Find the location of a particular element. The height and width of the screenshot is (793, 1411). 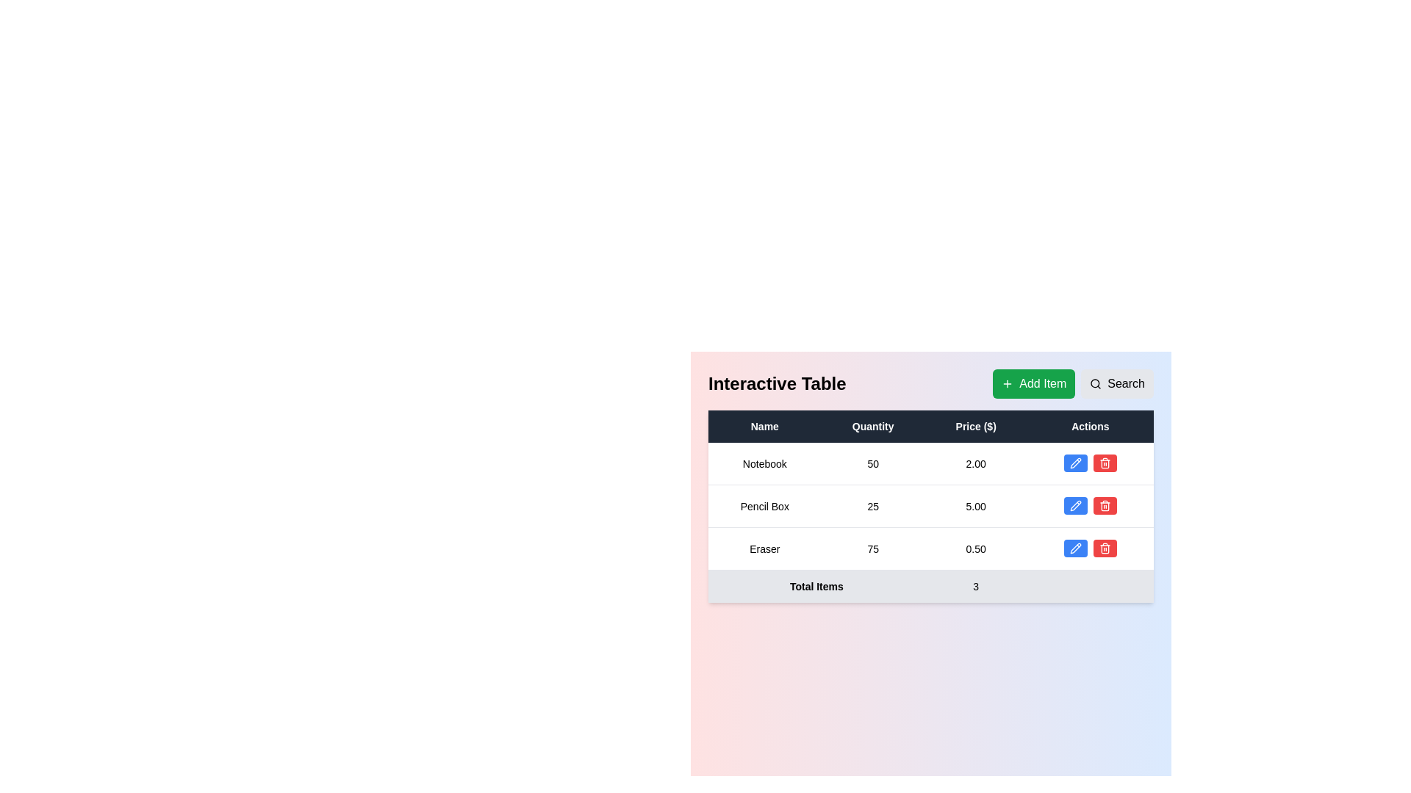

the pencil button in the actions column of the second row for the item 'Pencil Box' is located at coordinates (1090, 505).